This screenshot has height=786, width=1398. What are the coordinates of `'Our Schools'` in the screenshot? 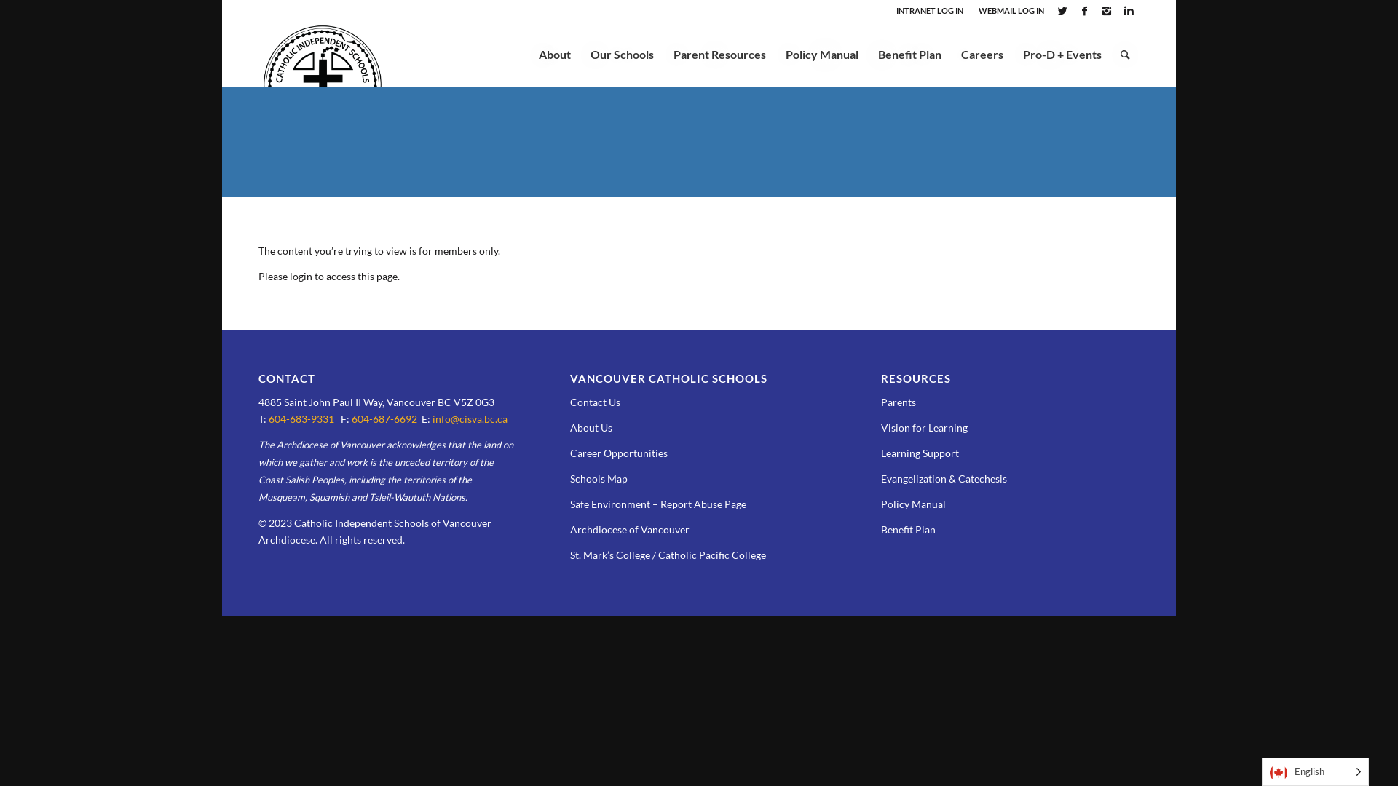 It's located at (622, 53).